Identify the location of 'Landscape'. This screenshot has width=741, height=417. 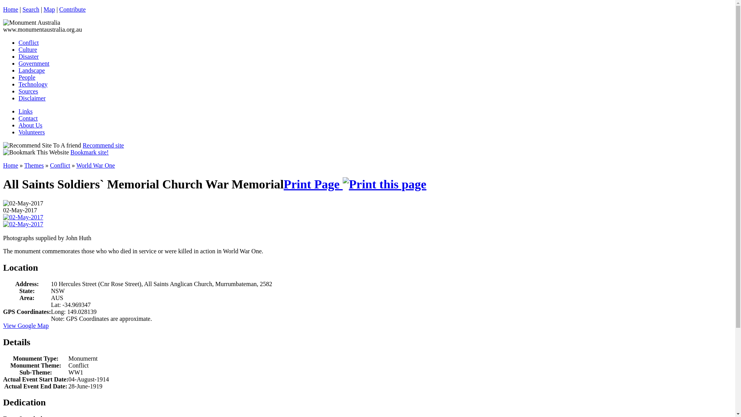
(31, 70).